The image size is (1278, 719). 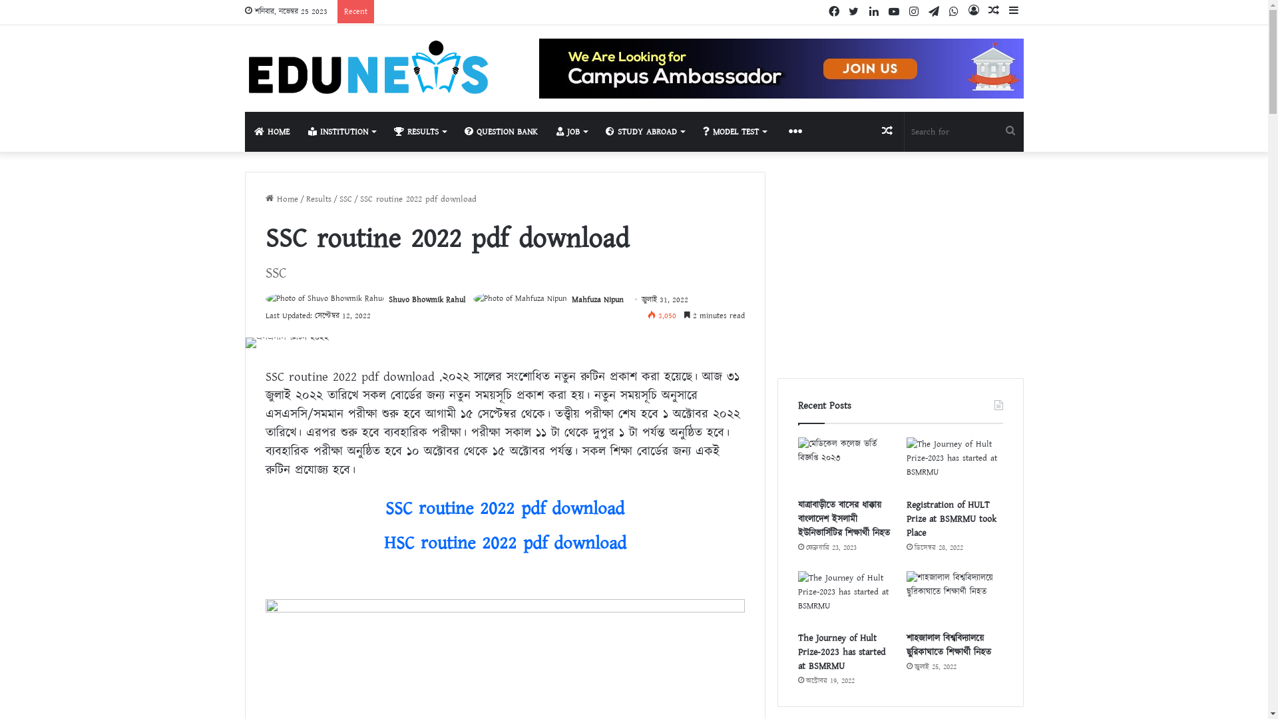 I want to click on 'RESULTS', so click(x=419, y=131).